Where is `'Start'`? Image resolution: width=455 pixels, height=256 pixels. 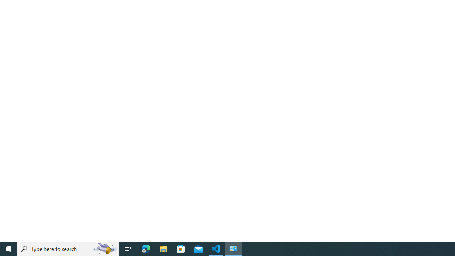
'Start' is located at coordinates (9, 248).